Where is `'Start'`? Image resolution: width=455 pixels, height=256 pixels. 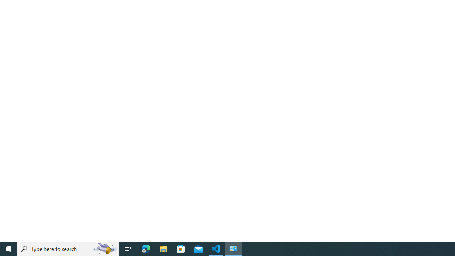
'Start' is located at coordinates (9, 248).